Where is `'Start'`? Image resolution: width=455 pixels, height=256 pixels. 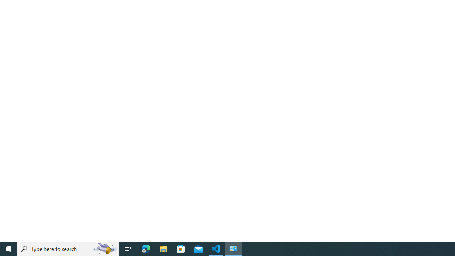
'Start' is located at coordinates (9, 248).